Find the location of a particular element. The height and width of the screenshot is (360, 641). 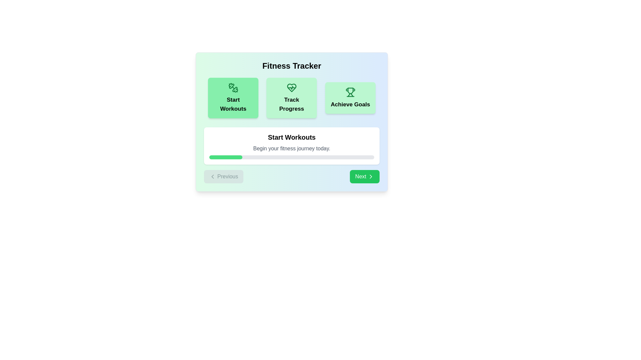

the label that serves as the title for the middle card in the 'Fitness Tracker' section, which indicates progress tracking is located at coordinates (291, 104).